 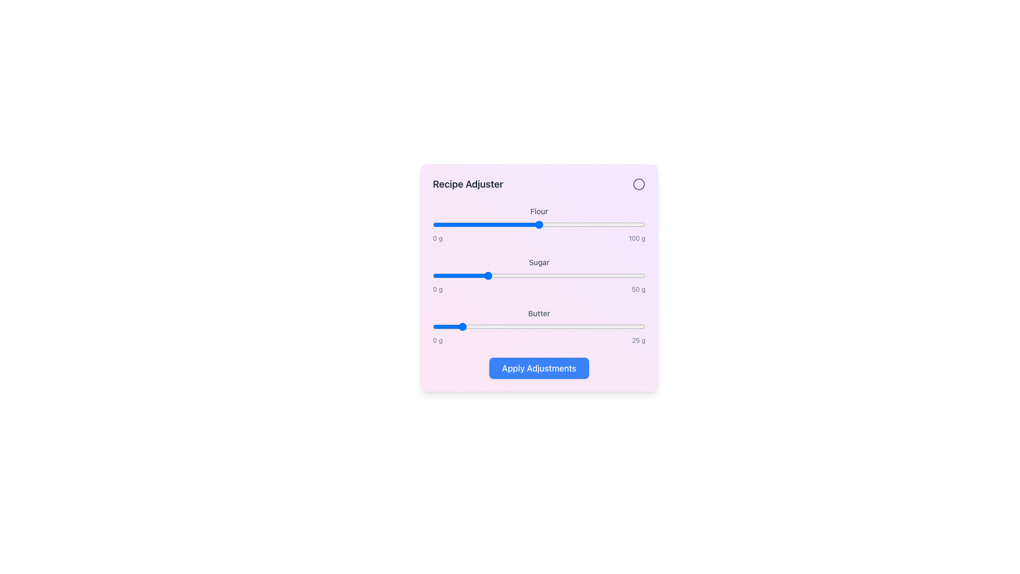 I want to click on Butter amount, so click(x=558, y=326).